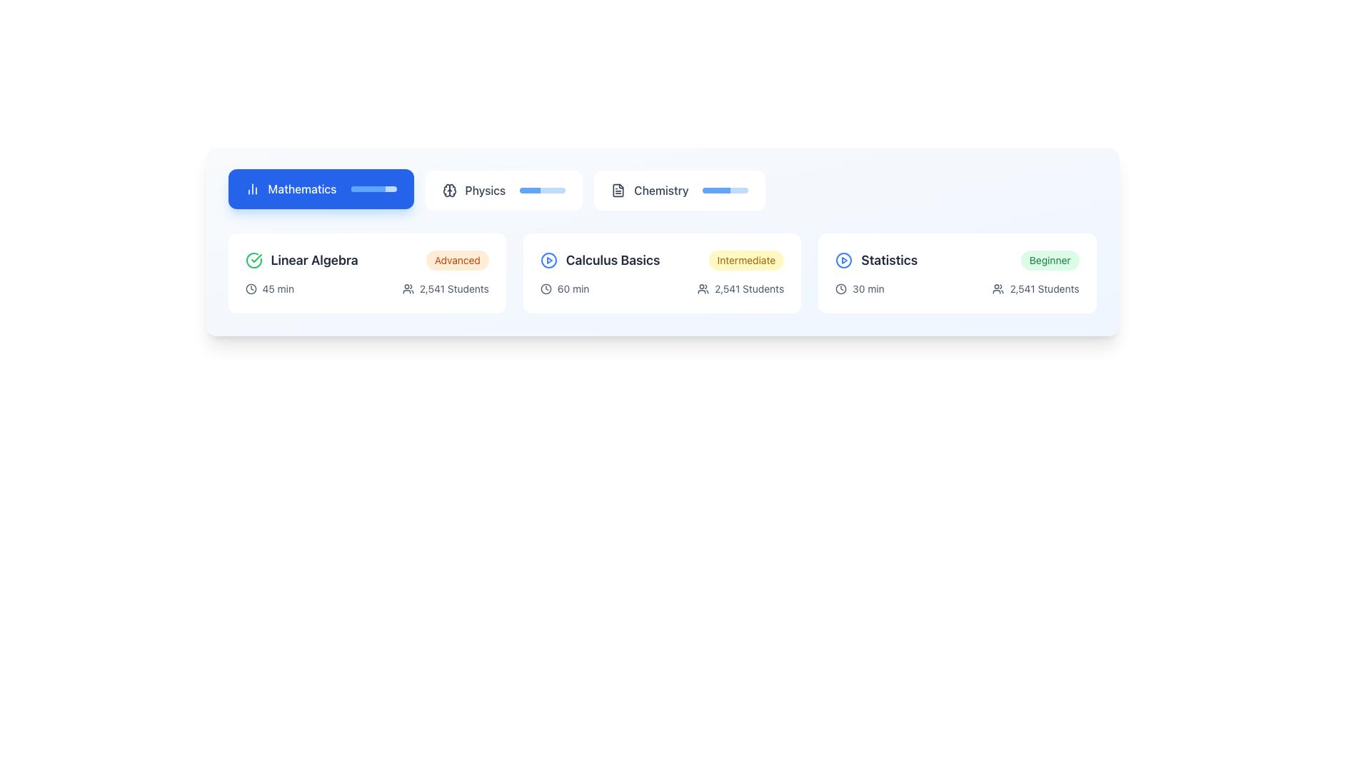 This screenshot has width=1371, height=771. I want to click on the text label displaying 'Statistics' in bold, large dark gray font, located at the bottom right of the 'Statistics' course card, so click(888, 261).